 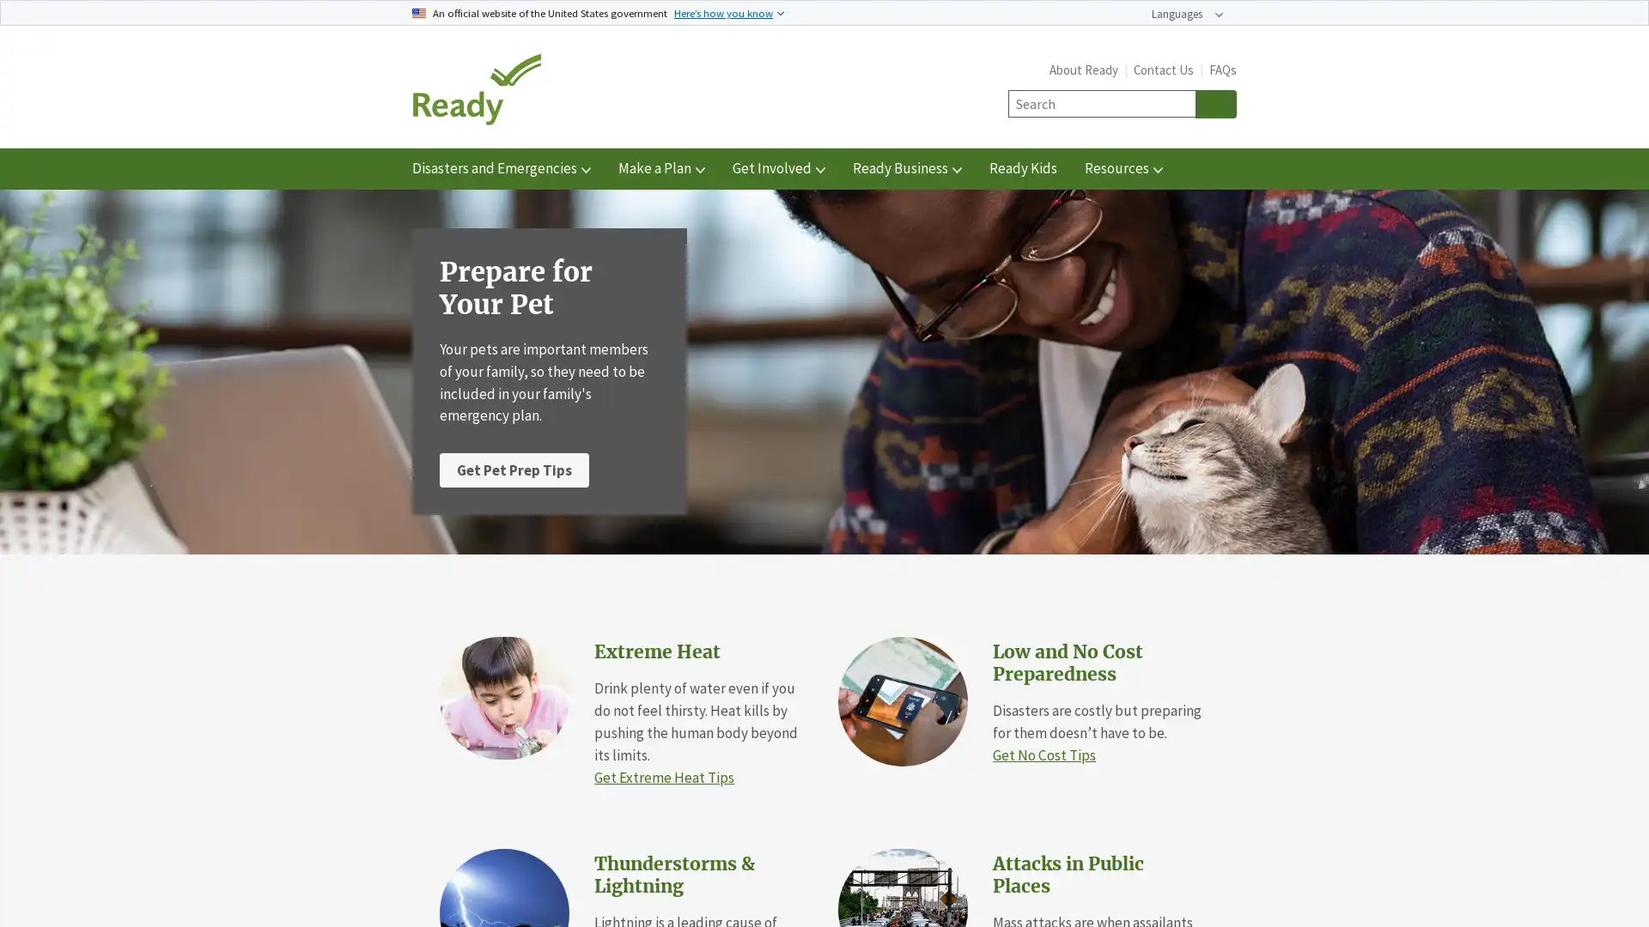 What do you see at coordinates (660, 168) in the screenshot?
I see `Make a Plan` at bounding box center [660, 168].